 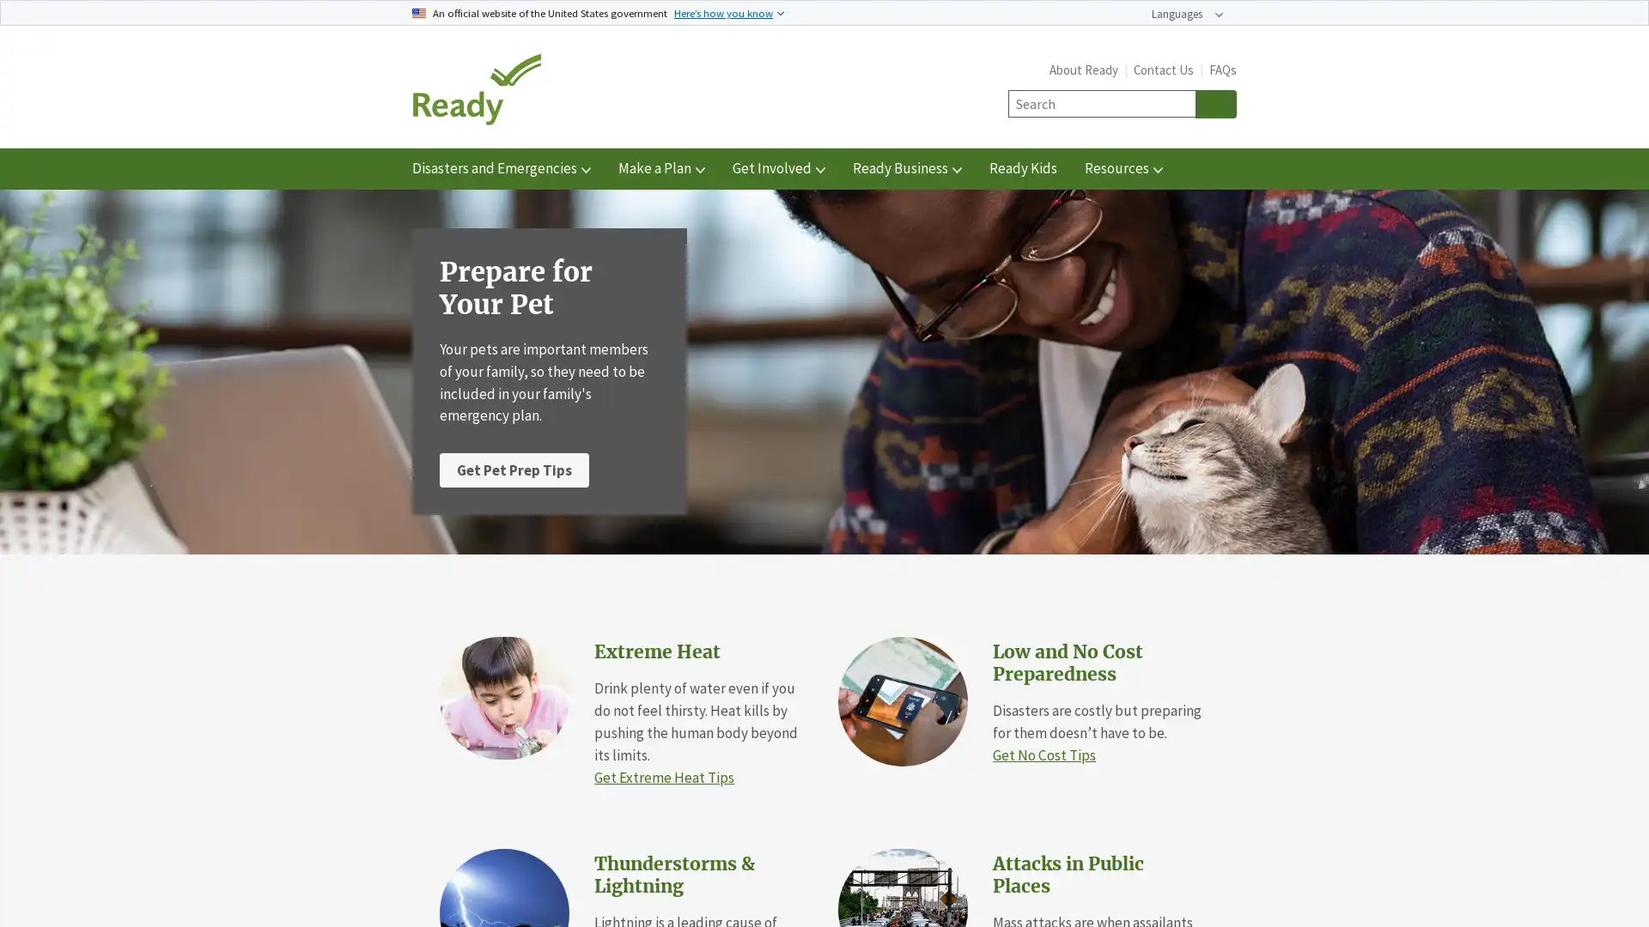 What do you see at coordinates (660, 168) in the screenshot?
I see `Make a Plan` at bounding box center [660, 168].